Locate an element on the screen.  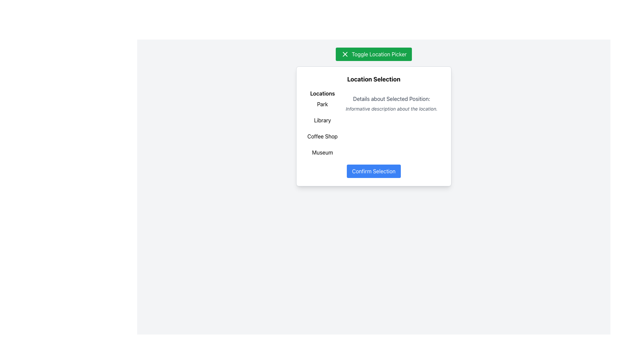
to select the 'Museum' text label, which is the fourth item in the vertical list of locations within the modal window is located at coordinates (322, 153).